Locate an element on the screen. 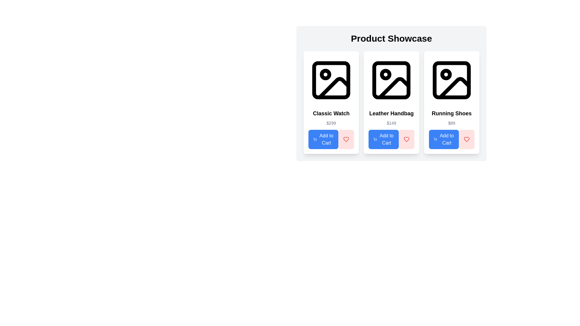  displayed price text of the 'Leather Handbag' product, which is located below the product title and above the 'Add to Cart' button in the product card is located at coordinates (391, 123).